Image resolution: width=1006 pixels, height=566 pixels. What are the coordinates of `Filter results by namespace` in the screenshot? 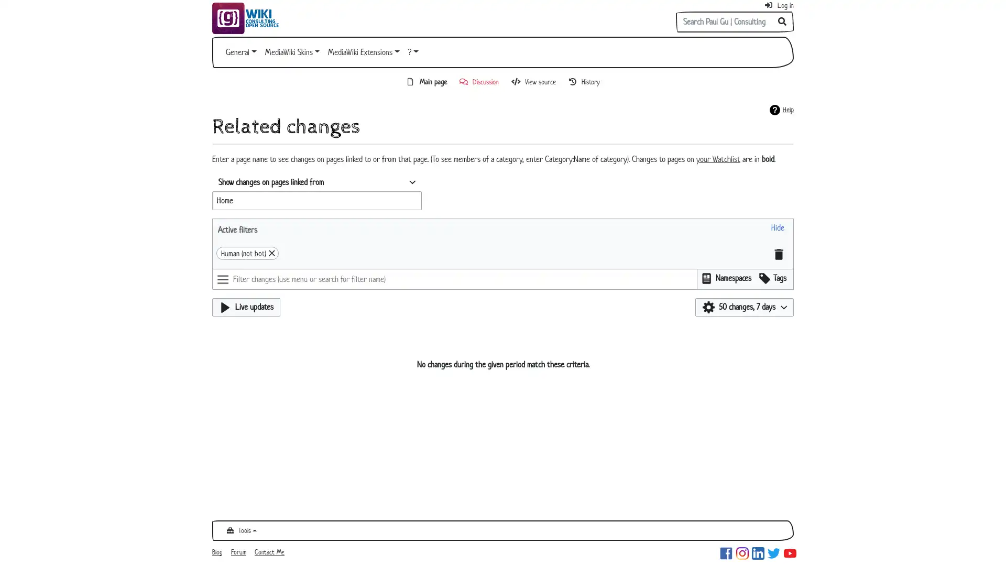 It's located at (725, 278).